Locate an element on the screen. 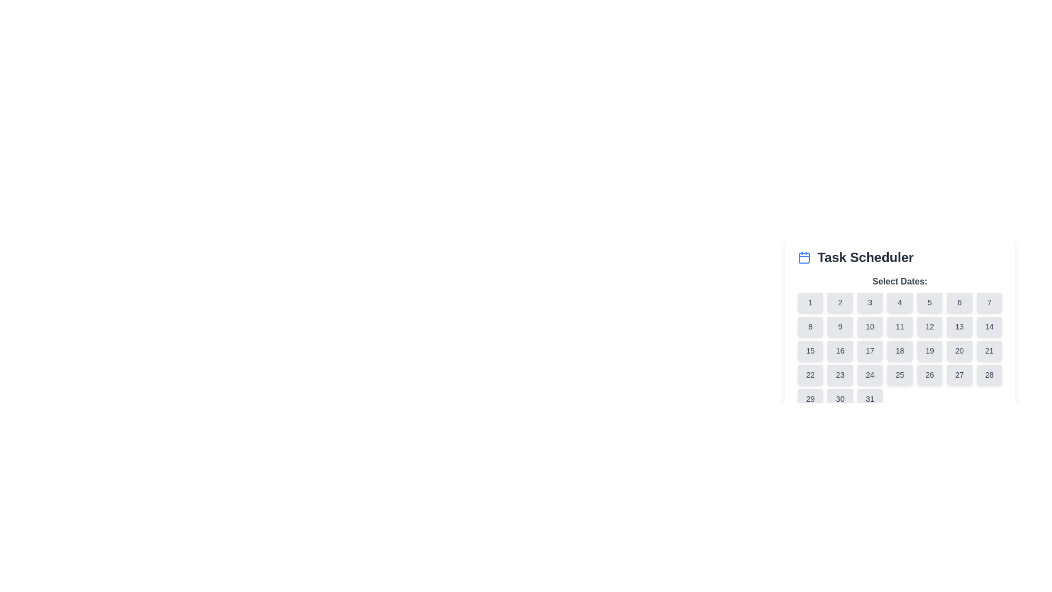 The width and height of the screenshot is (1052, 592). the button displaying the number '21' located in the bottom-right area of the grid layout is located at coordinates (989, 351).